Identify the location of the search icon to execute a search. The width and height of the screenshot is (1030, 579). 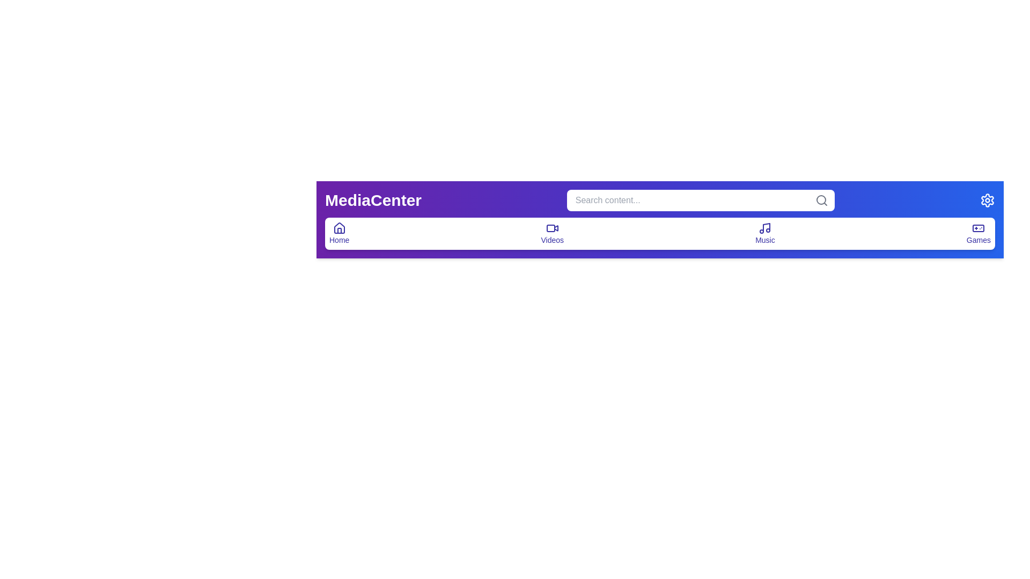
(821, 201).